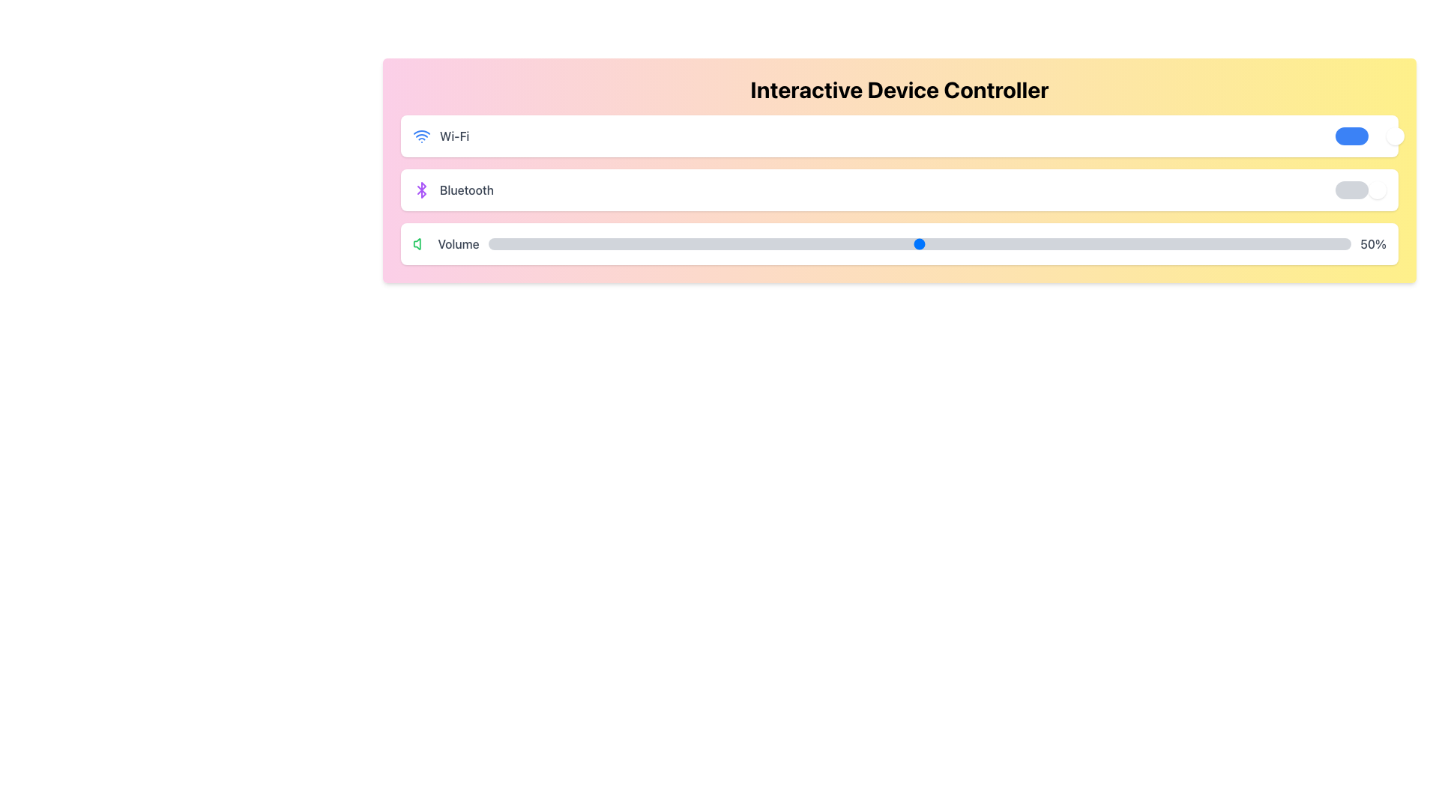 The height and width of the screenshot is (809, 1439). Describe the element at coordinates (453, 136) in the screenshot. I see `the text element that serves as a label for the Wi-Fi functionality, positioned to the right of the Wi-Fi icon in the first row of options` at that location.